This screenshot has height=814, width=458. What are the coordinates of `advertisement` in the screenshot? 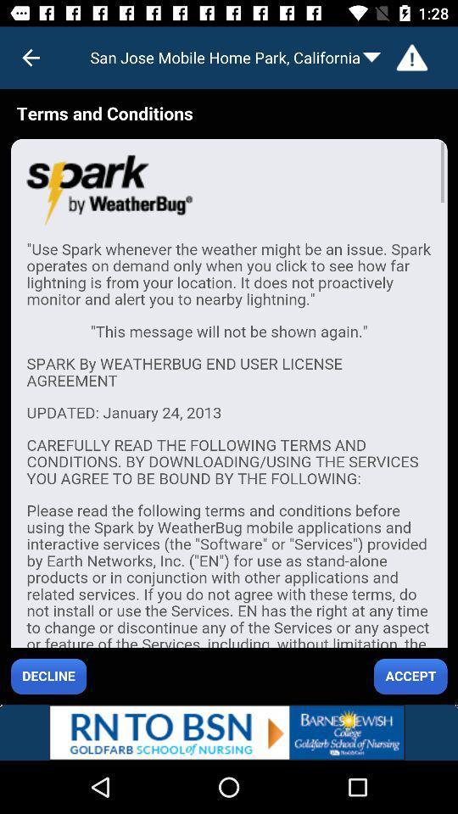 It's located at (229, 397).